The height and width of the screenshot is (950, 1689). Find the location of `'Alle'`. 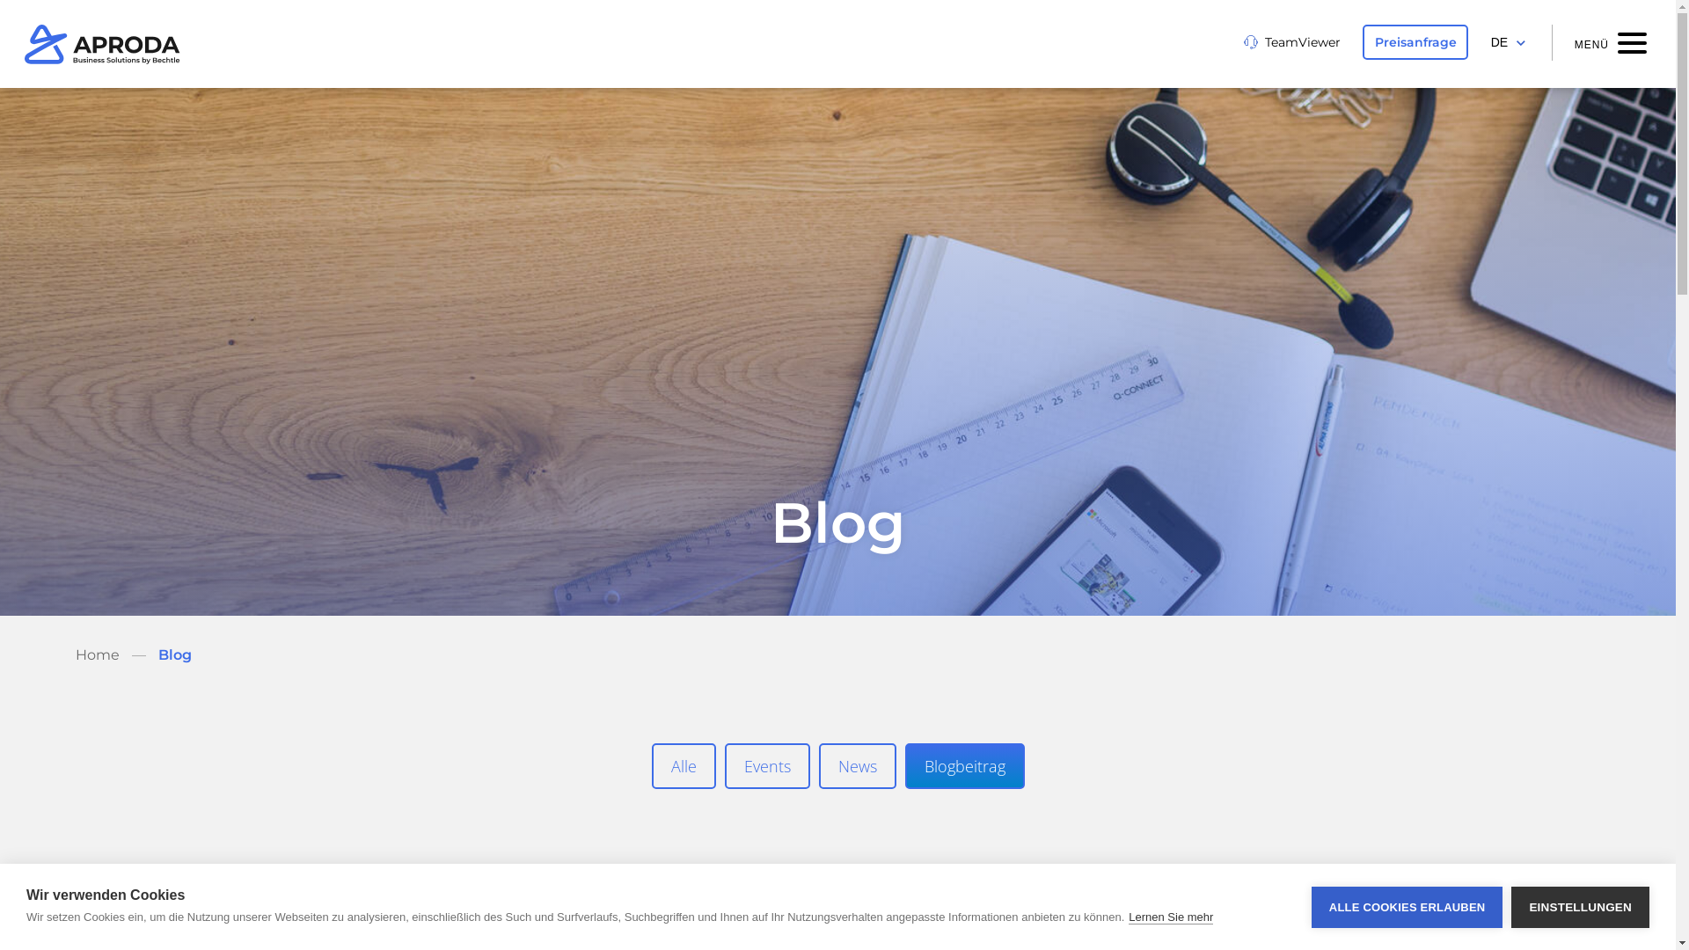

'Alle' is located at coordinates (682, 765).